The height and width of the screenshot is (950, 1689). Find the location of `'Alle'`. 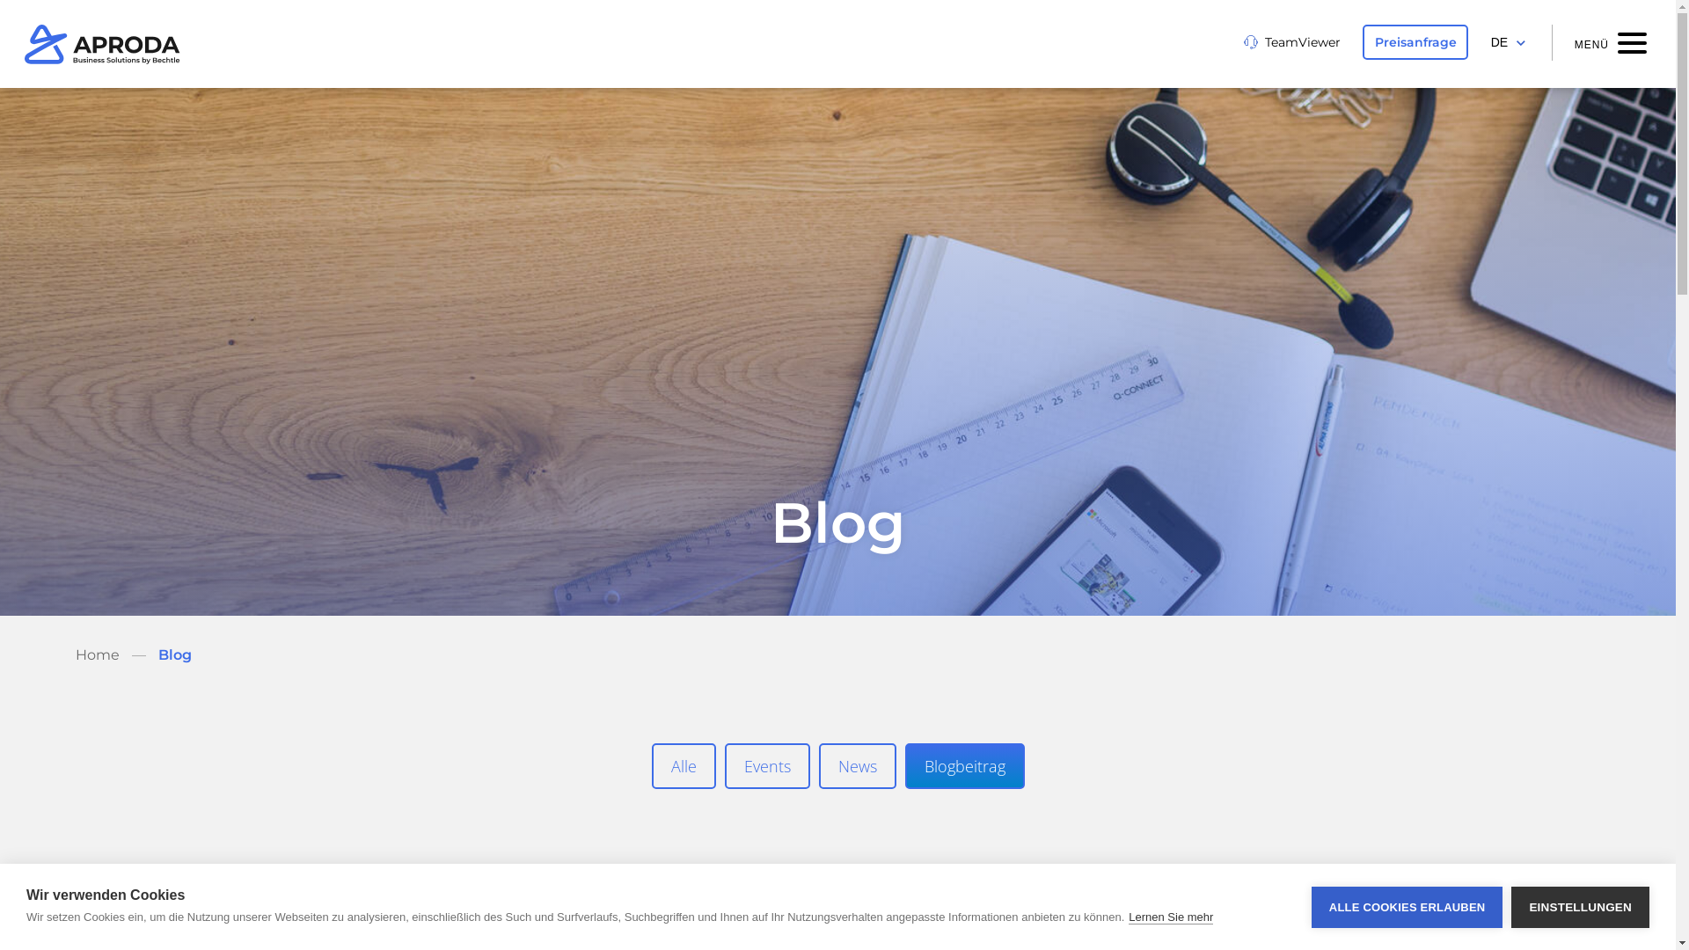

'Alle' is located at coordinates (682, 765).